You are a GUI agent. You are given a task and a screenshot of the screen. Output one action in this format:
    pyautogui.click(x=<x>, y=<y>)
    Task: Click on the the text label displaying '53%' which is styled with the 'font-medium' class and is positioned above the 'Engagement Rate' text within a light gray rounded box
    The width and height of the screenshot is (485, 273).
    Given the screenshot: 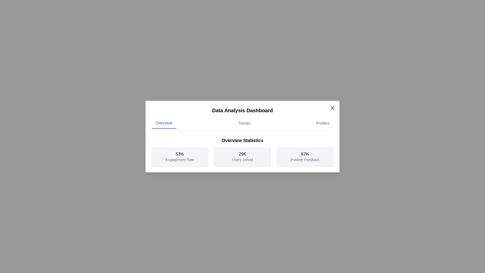 What is the action you would take?
    pyautogui.click(x=180, y=154)
    